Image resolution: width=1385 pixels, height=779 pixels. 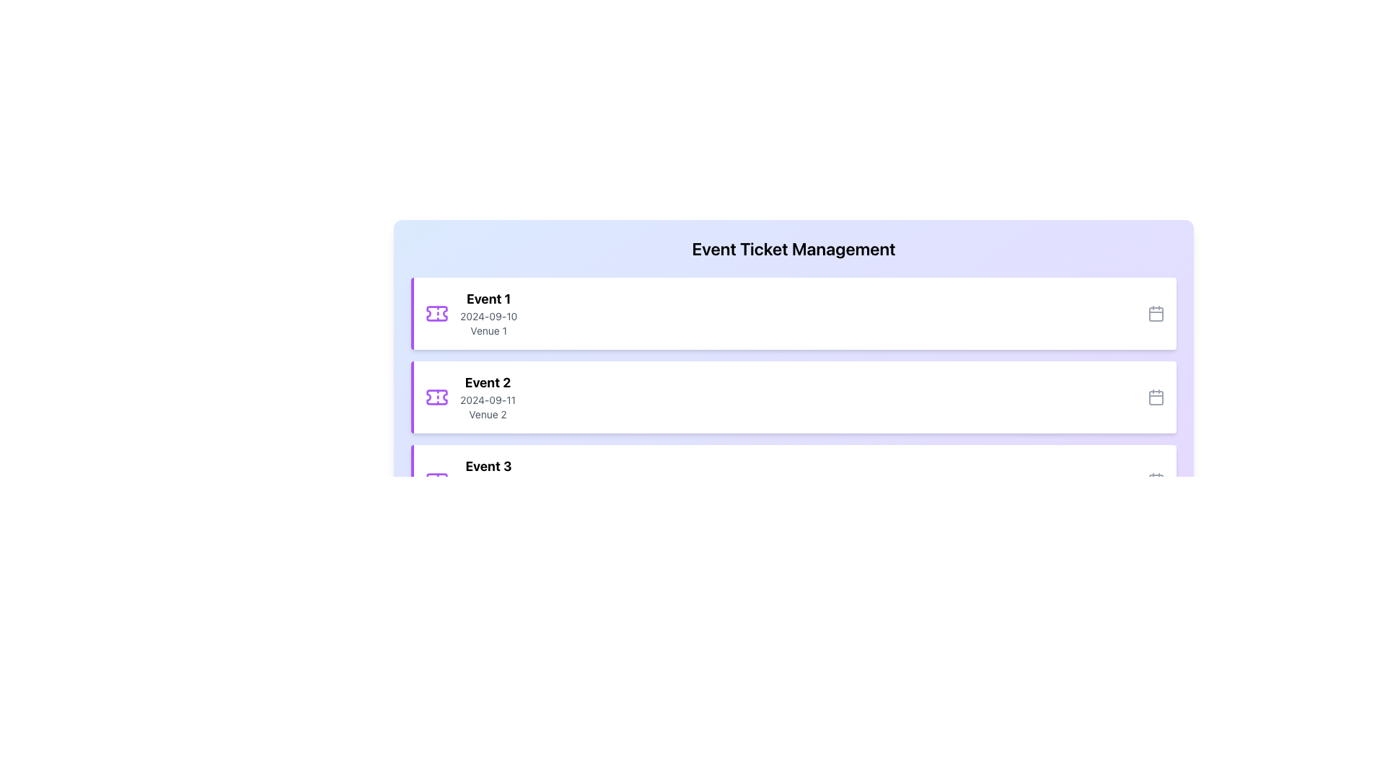 I want to click on the ticket icon for 'Event 2', located in the middle-left region of the second event entry to symbolize ticket-related actions, so click(x=436, y=397).